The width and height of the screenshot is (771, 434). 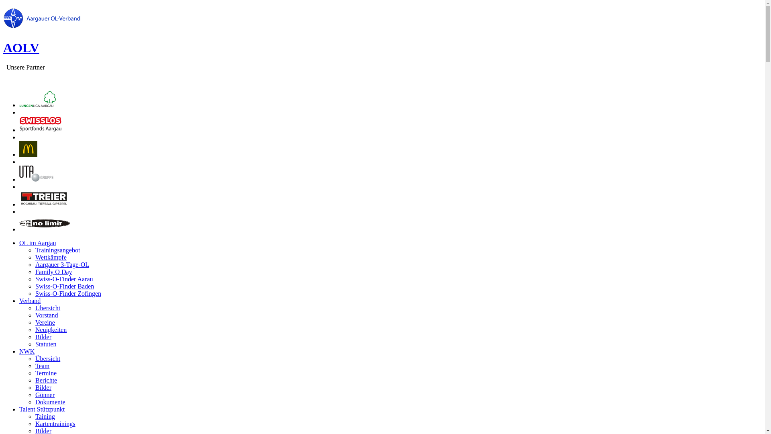 I want to click on 'AOLV', so click(x=21, y=48).